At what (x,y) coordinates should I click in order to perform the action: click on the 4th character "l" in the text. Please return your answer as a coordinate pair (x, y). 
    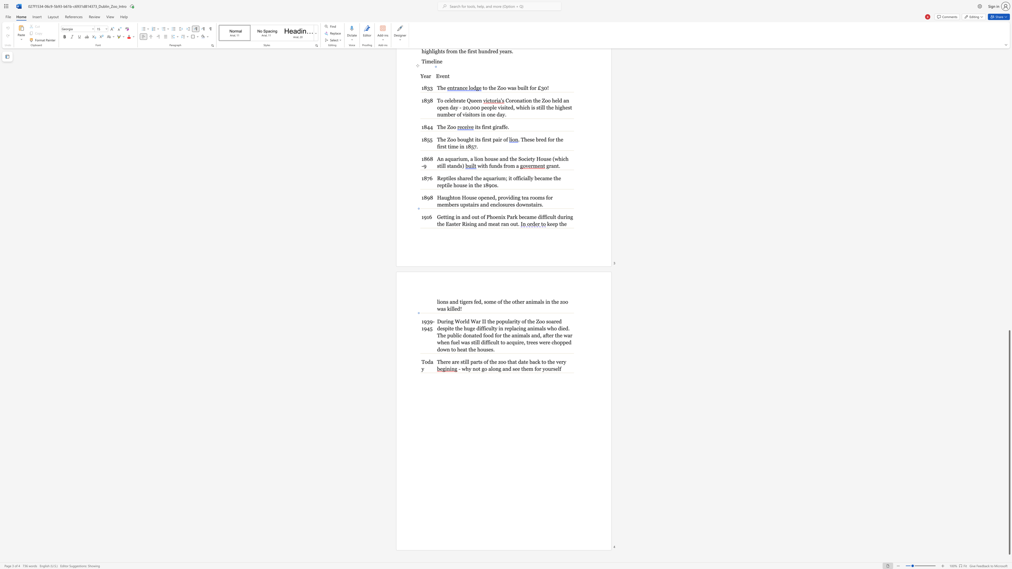
    Looking at the image, I should click on (453, 309).